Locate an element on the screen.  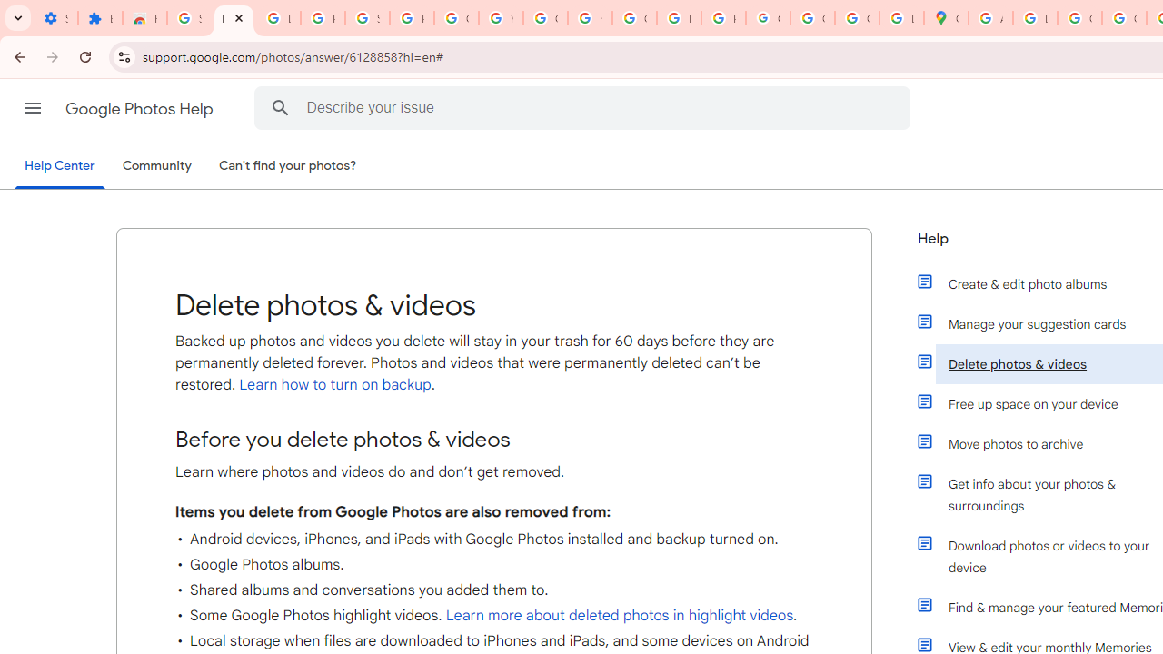
'YouTube' is located at coordinates (501, 18).